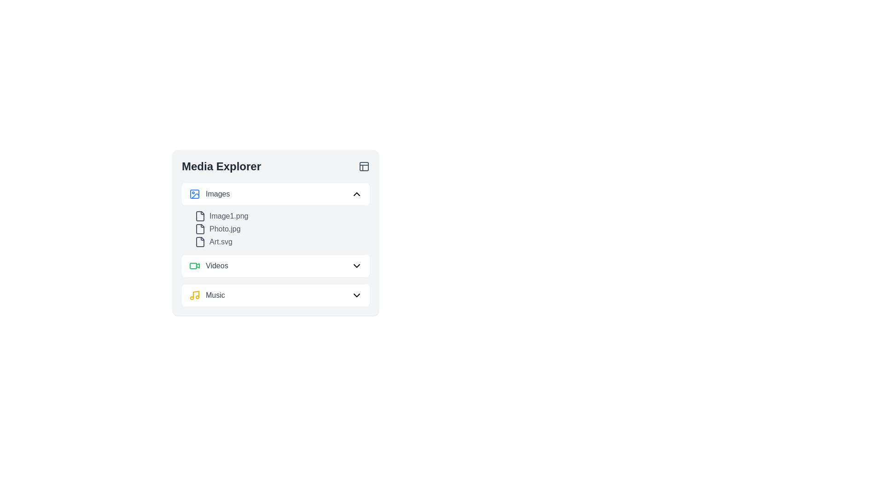 This screenshot has height=497, width=884. I want to click on the dropdown toggle icon located at the right end of the 'Videos' row, so click(356, 266).